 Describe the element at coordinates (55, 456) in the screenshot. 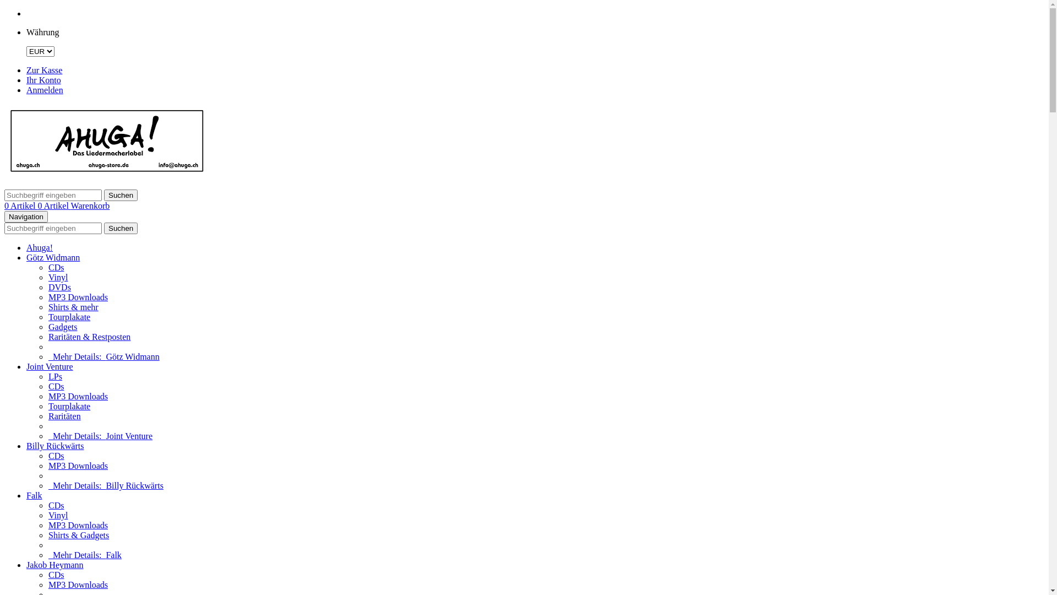

I see `'CDs'` at that location.